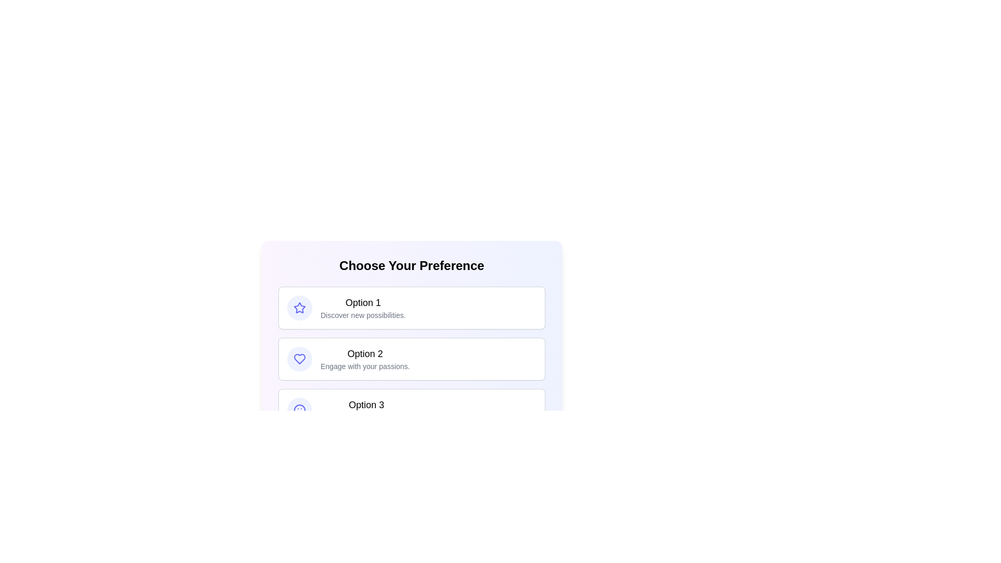  Describe the element at coordinates (411, 265) in the screenshot. I see `the header text displaying 'Choose Your Preference' which is bold and centered above selectable options` at that location.